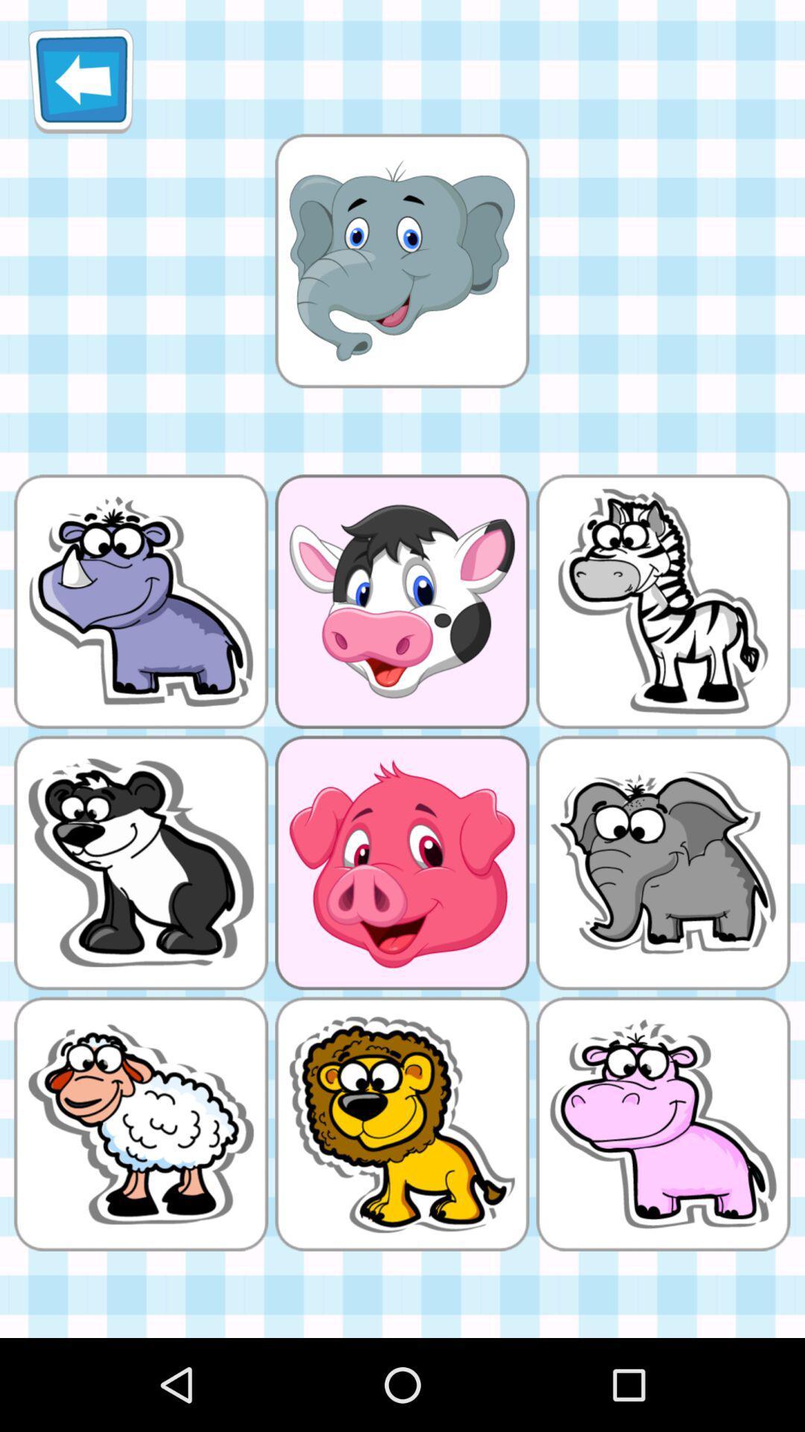  Describe the element at coordinates (80, 86) in the screenshot. I see `the arrow_backward icon` at that location.